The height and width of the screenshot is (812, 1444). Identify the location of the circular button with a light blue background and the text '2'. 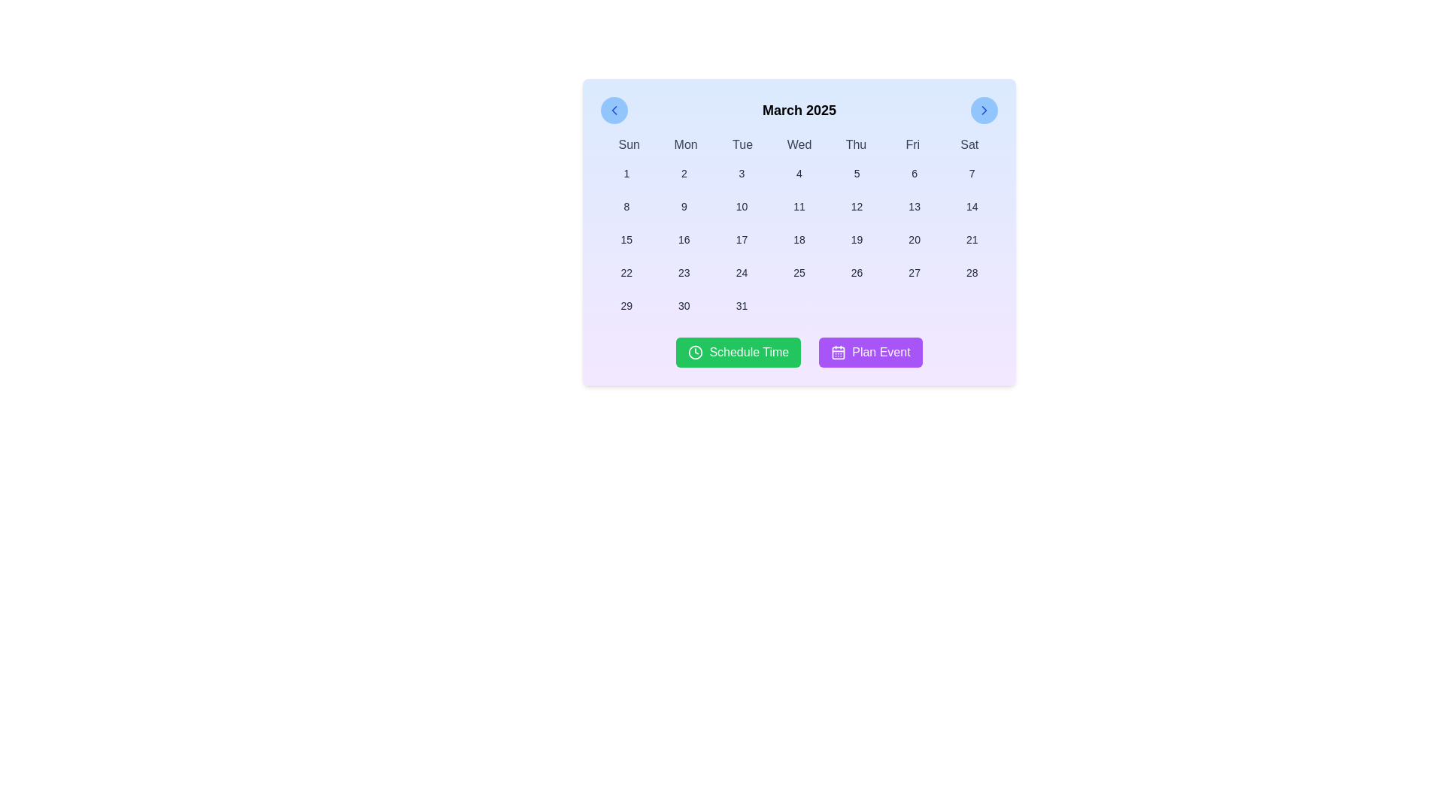
(683, 173).